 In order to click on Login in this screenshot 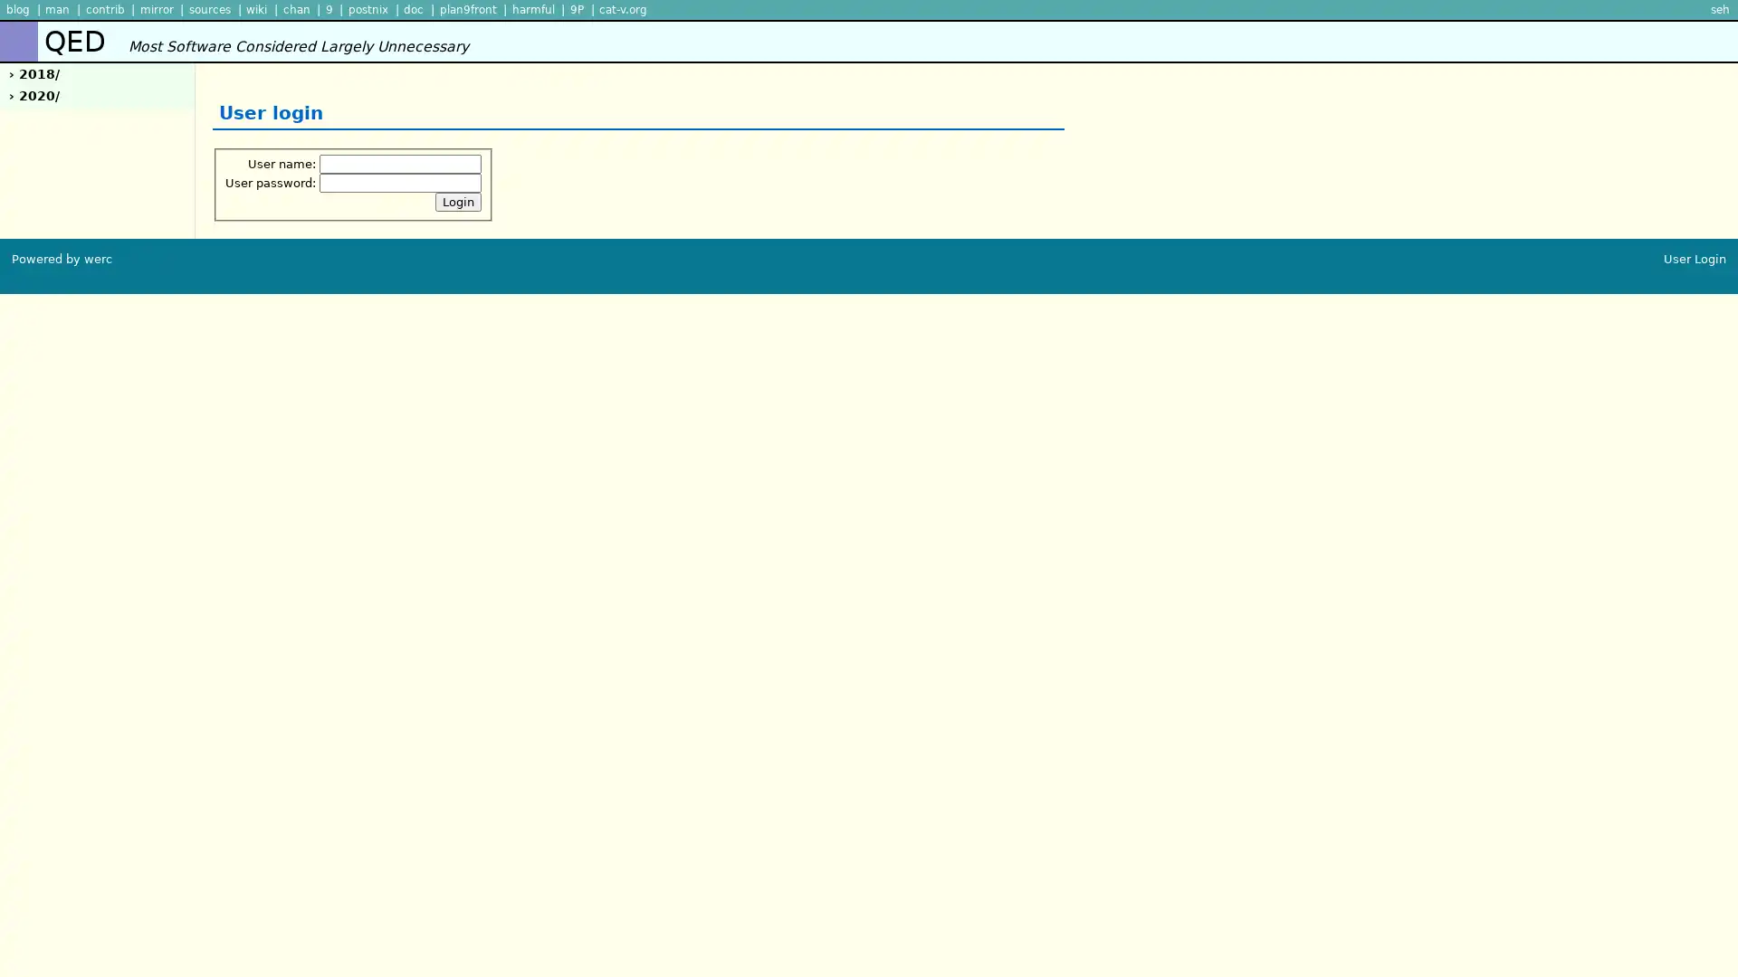, I will do `click(458, 202)`.